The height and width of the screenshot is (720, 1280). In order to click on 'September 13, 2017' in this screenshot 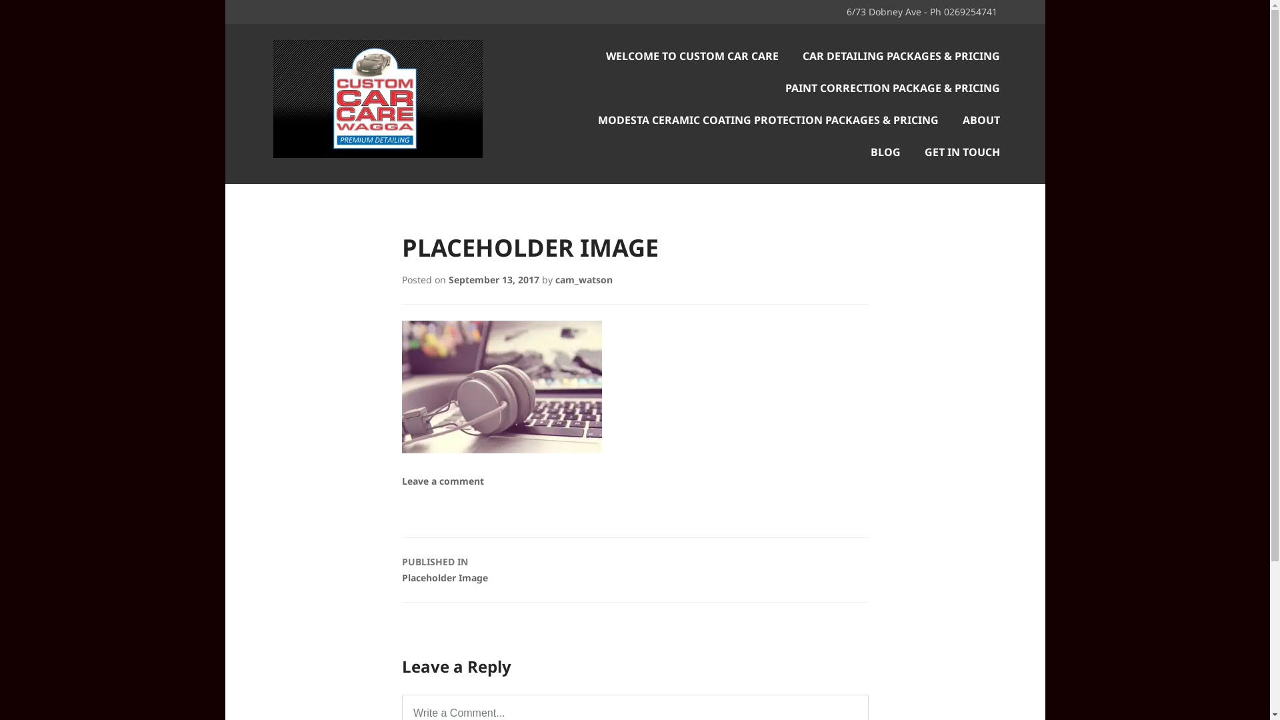, I will do `click(492, 279)`.